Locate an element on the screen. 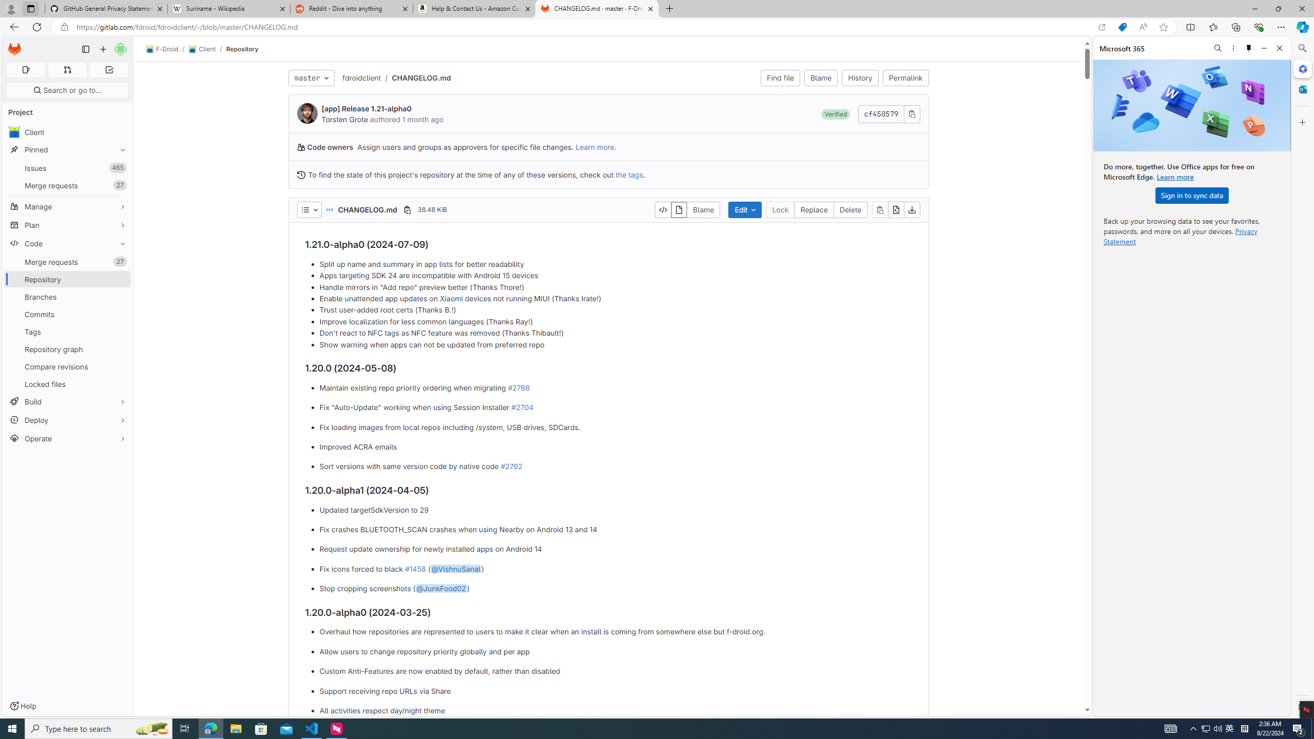 The width and height of the screenshot is (1314, 739). 'Pin Locked files' is located at coordinates (120, 383).